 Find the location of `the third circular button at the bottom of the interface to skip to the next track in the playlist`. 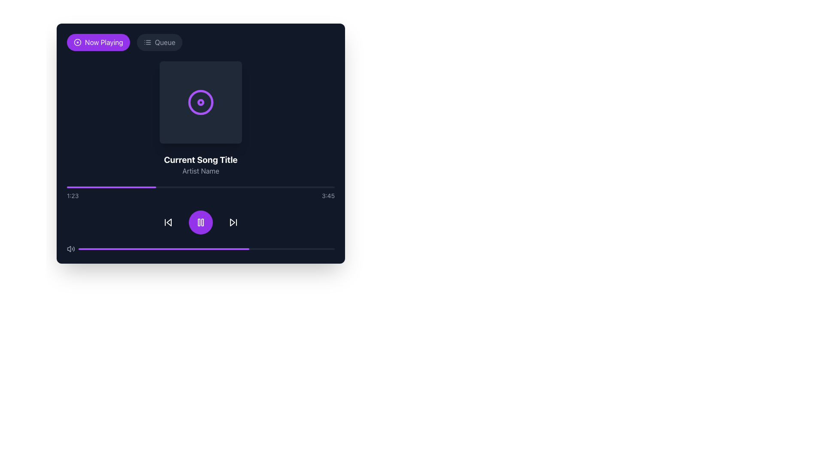

the third circular button at the bottom of the interface to skip to the next track in the playlist is located at coordinates (233, 222).